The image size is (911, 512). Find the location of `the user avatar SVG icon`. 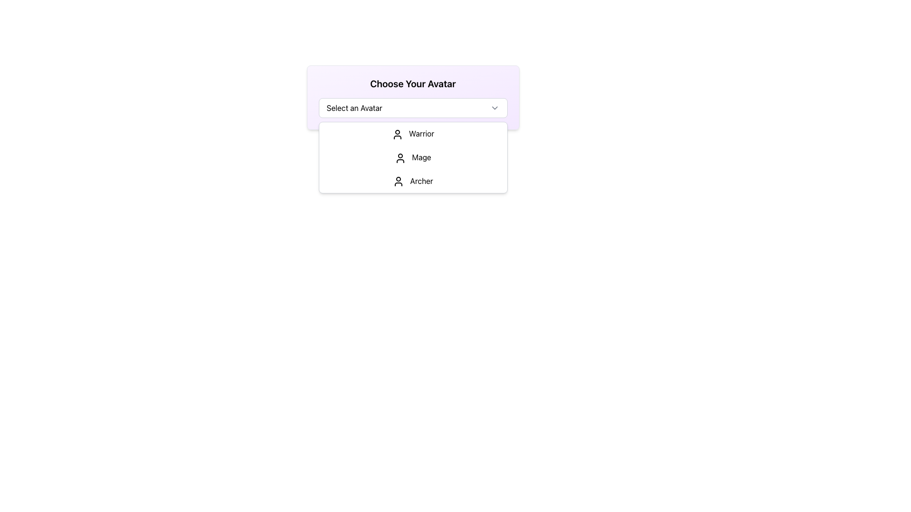

the user avatar SVG icon is located at coordinates (397, 134).